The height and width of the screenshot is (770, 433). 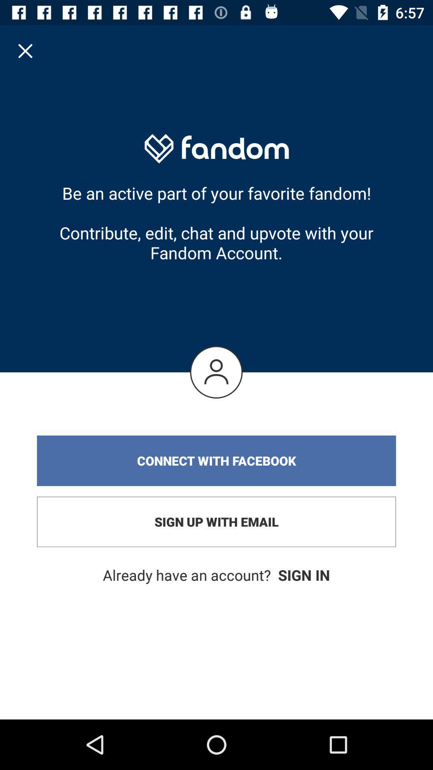 I want to click on item above the sign up with icon, so click(x=216, y=460).